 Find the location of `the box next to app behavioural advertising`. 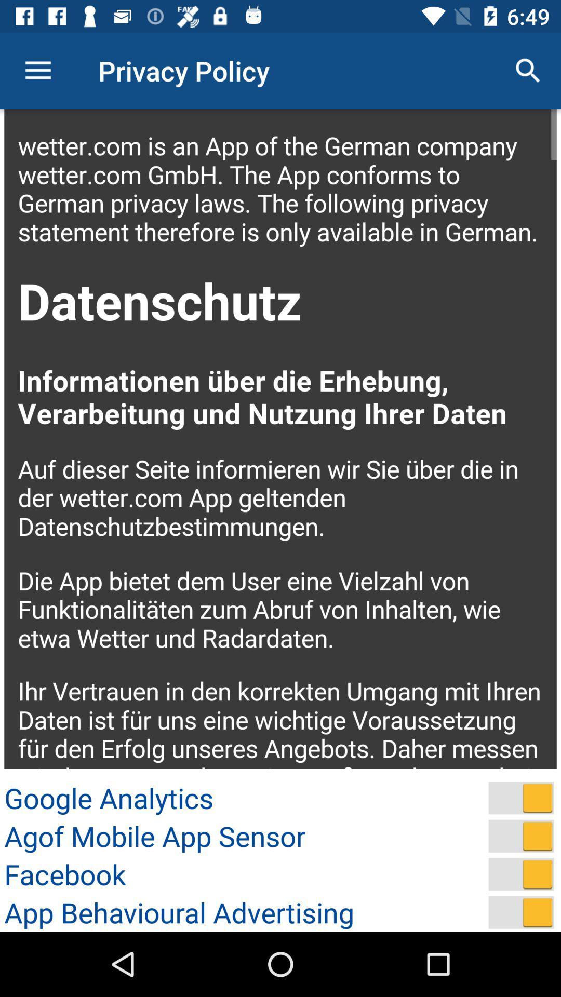

the box next to app behavioural advertising is located at coordinates (521, 912).